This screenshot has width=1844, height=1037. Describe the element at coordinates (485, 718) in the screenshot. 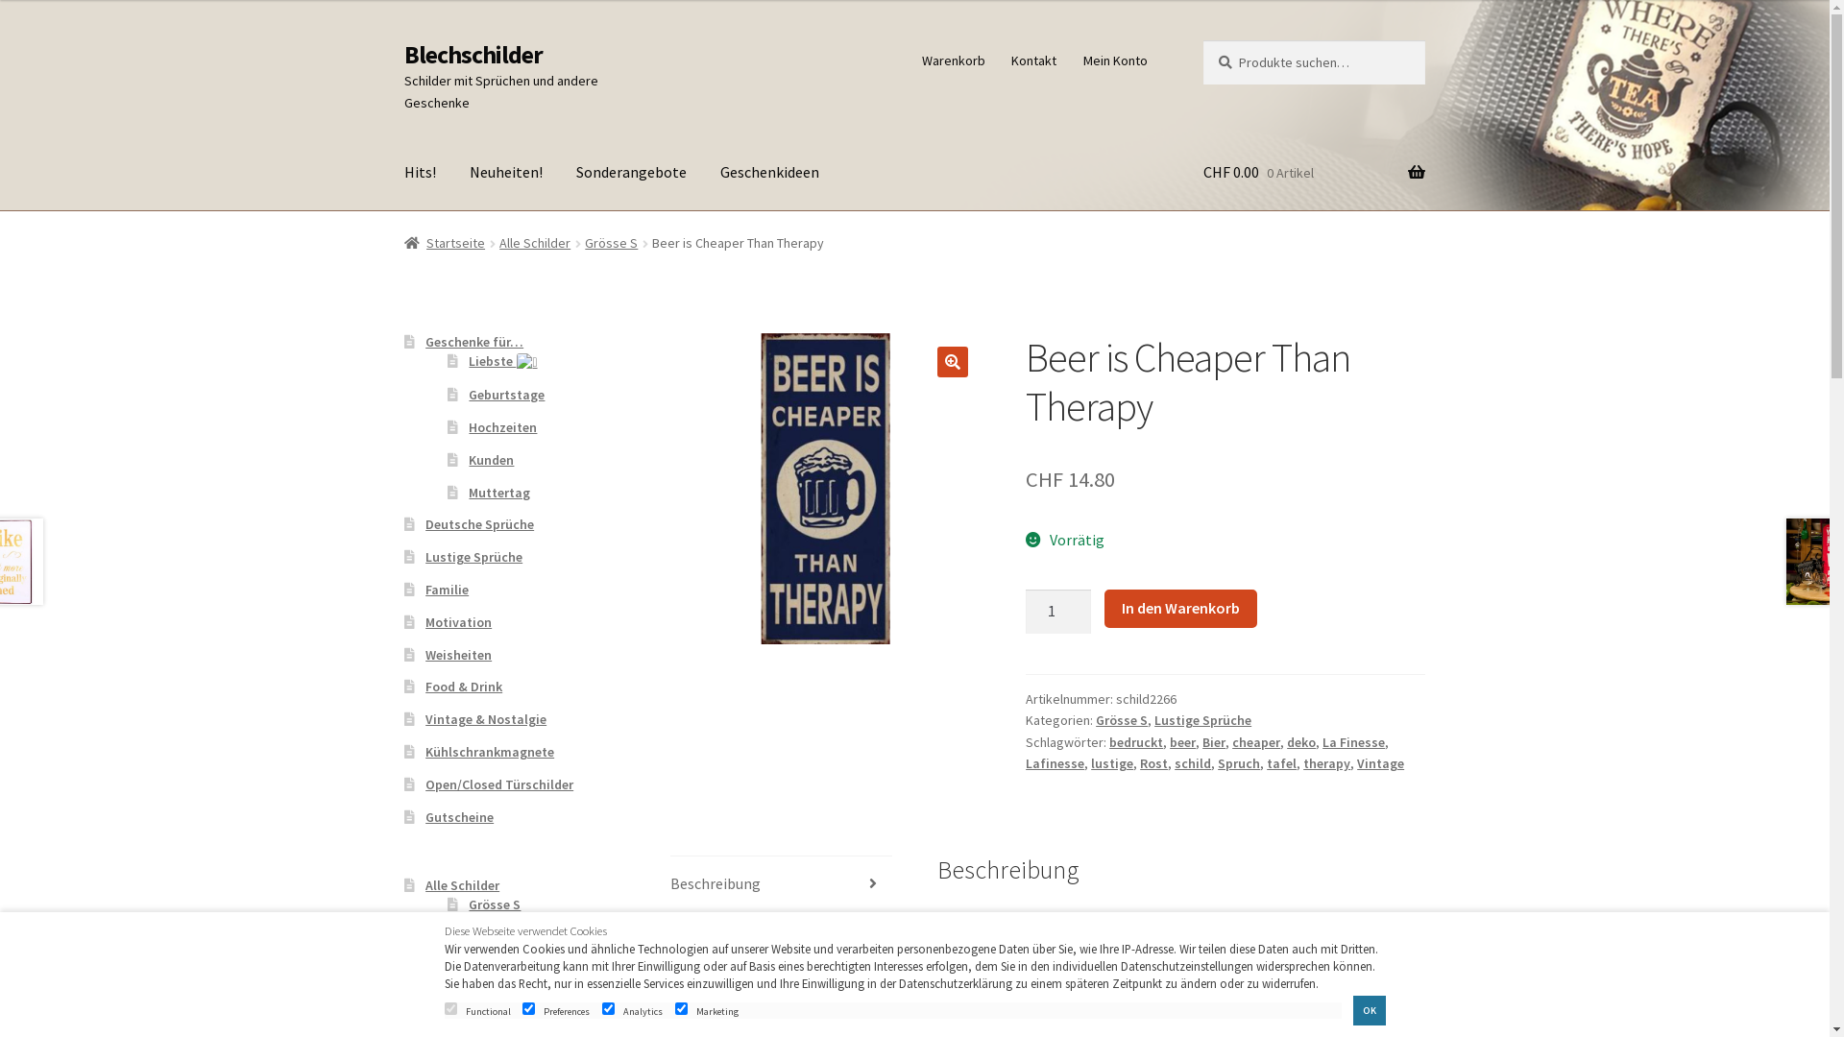

I see `'Vintage & Nostalgie'` at that location.